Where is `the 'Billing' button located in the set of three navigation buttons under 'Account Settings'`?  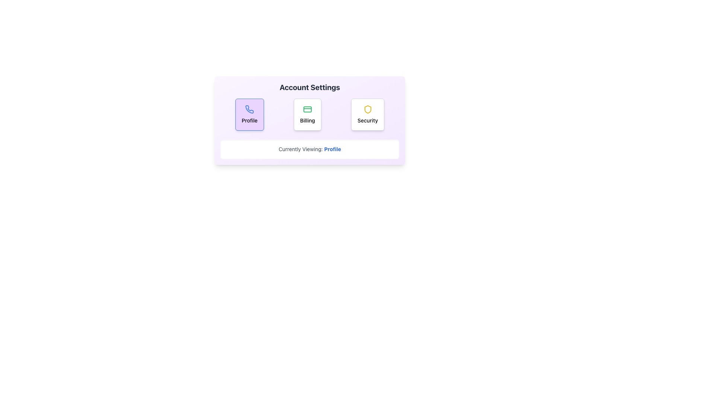 the 'Billing' button located in the set of three navigation buttons under 'Account Settings' is located at coordinates (309, 115).